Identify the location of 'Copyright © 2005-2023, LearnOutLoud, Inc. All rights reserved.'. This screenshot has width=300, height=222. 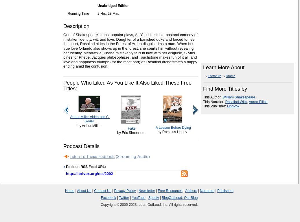
(100, 204).